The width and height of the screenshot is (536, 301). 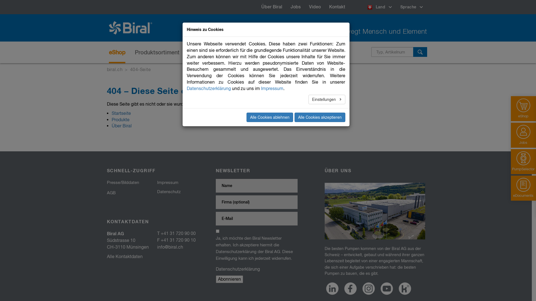 I want to click on 'Abonnieren', so click(x=229, y=279).